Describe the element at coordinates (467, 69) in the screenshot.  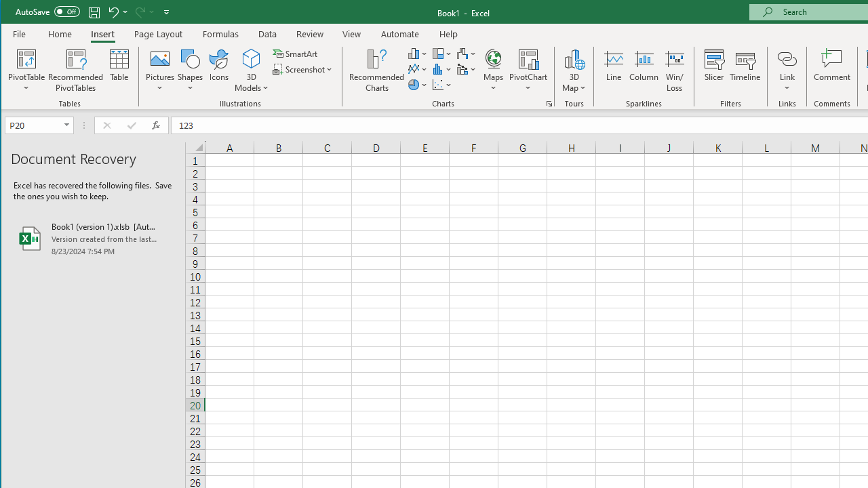
I see `'Insert Combo Chart'` at that location.